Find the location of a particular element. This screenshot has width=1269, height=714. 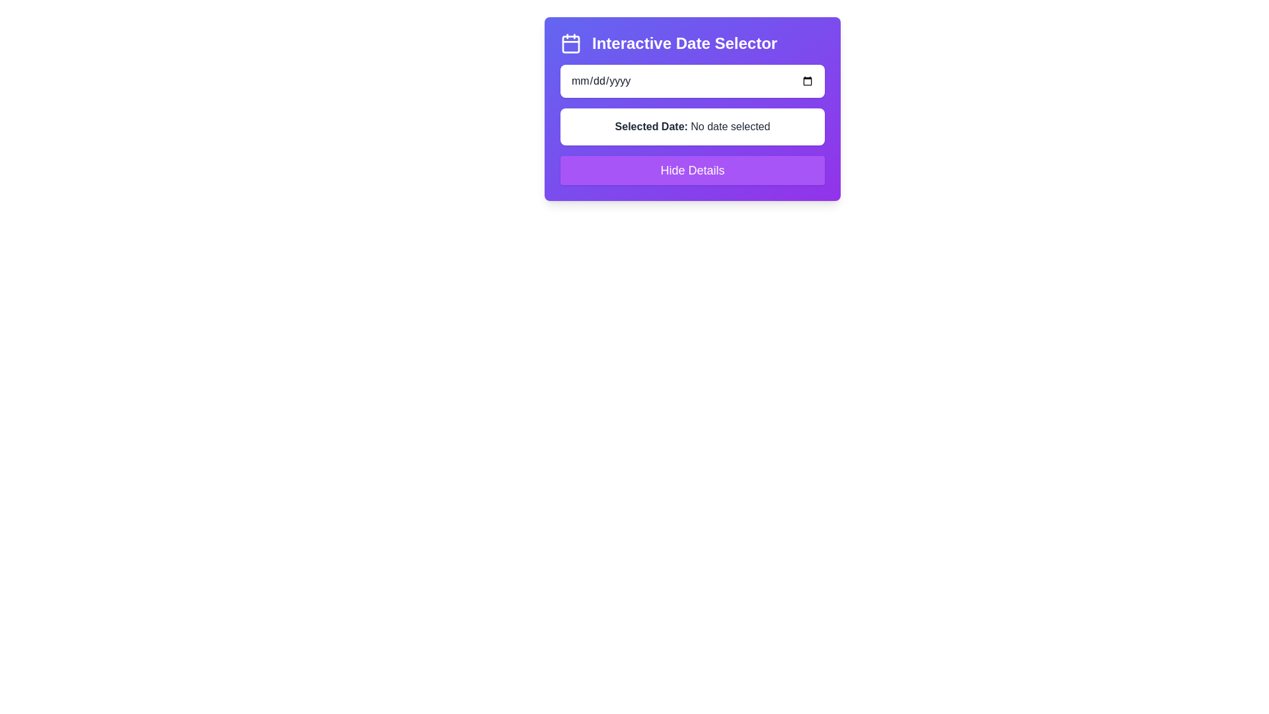

the text label indicating that no date has been chosen yet, located under the date input field and above the 'Hide Details' button is located at coordinates (691, 127).